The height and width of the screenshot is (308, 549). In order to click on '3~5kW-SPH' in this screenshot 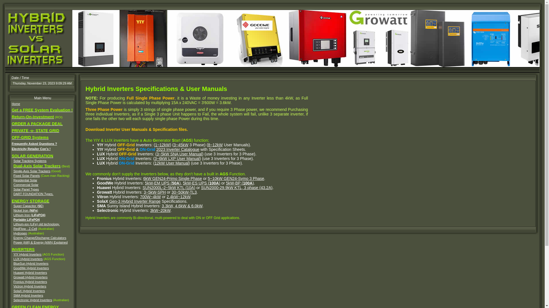, I will do `click(154, 192)`.